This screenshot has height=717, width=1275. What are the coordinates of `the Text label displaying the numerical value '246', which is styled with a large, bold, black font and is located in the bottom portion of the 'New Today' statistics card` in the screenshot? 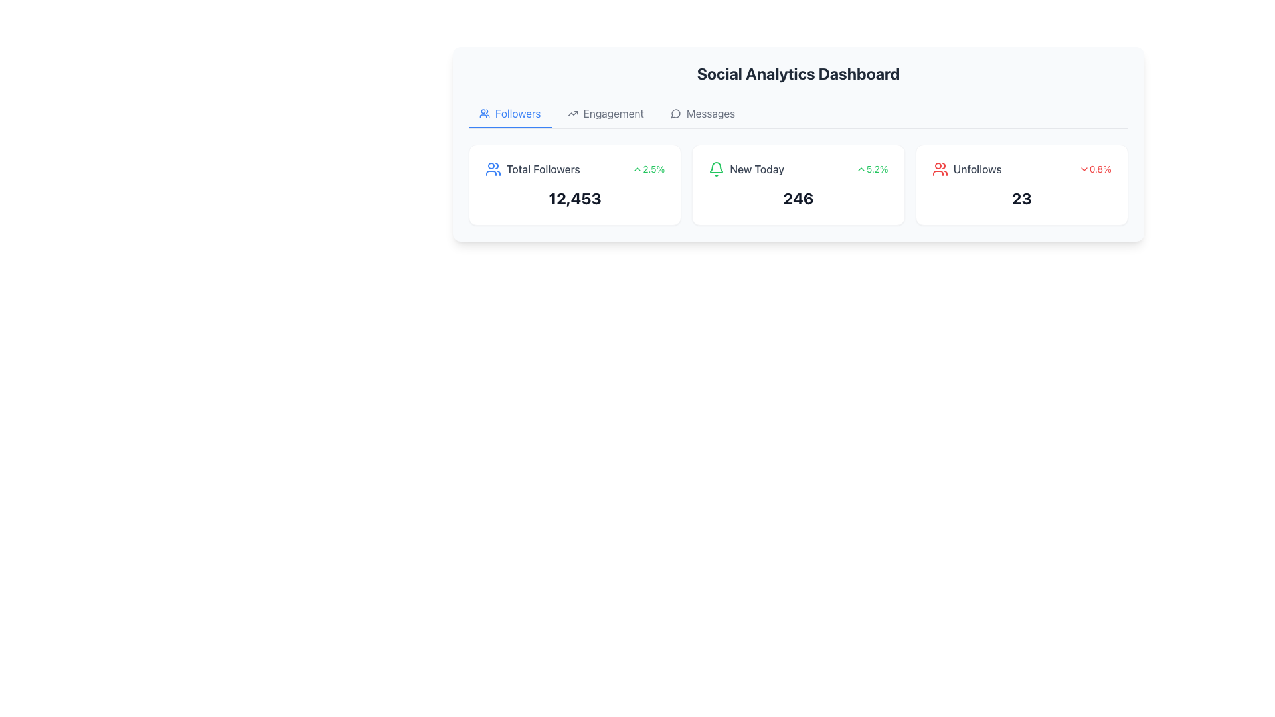 It's located at (798, 199).